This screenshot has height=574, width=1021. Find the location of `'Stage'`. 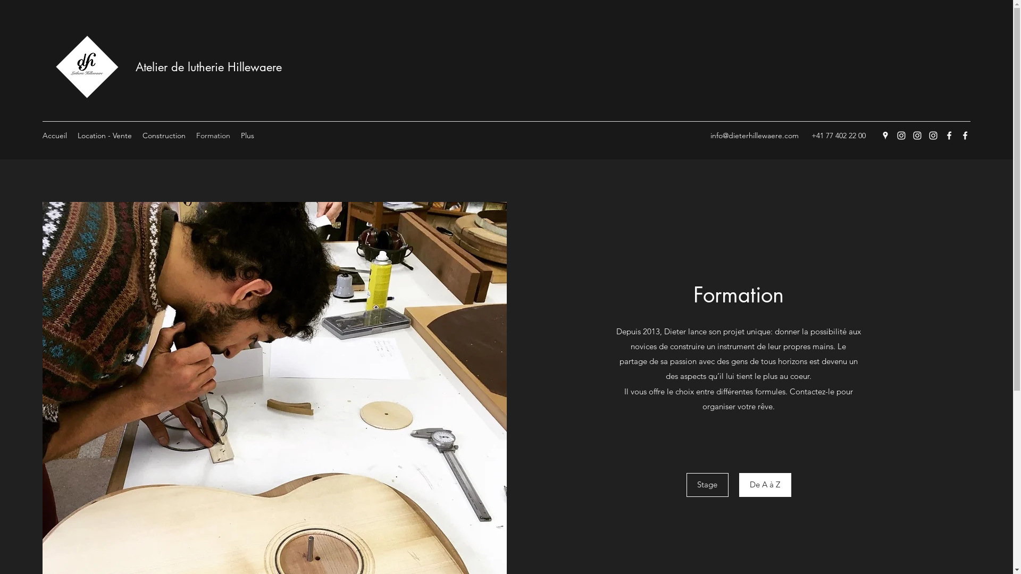

'Stage' is located at coordinates (687, 485).